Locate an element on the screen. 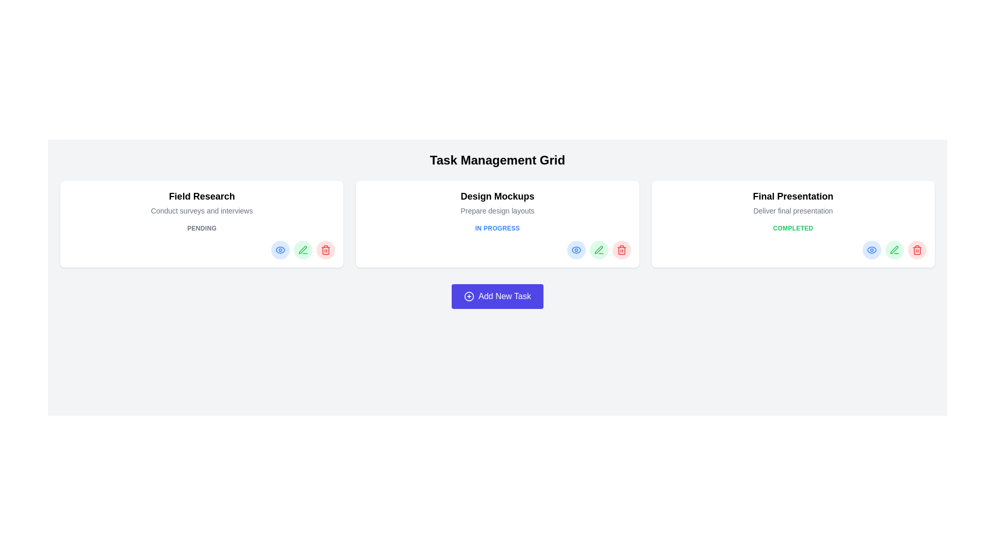  icons for available actions in the action bar located at the bottom of the 'Field Research' task card, which contains buttons for viewing, editing, or deleting tasks is located at coordinates (202, 250).